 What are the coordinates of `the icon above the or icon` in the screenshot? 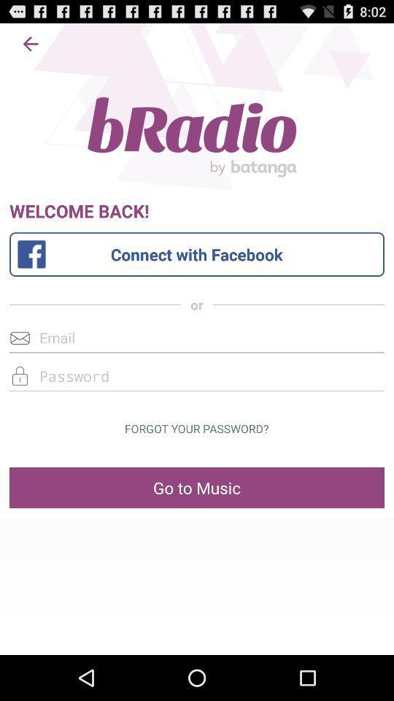 It's located at (197, 254).